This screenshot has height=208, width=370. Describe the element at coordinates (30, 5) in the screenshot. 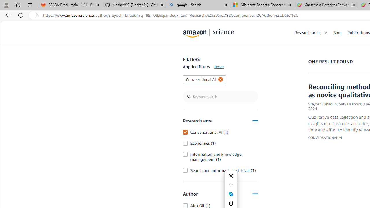

I see `'Tab actions menu'` at that location.